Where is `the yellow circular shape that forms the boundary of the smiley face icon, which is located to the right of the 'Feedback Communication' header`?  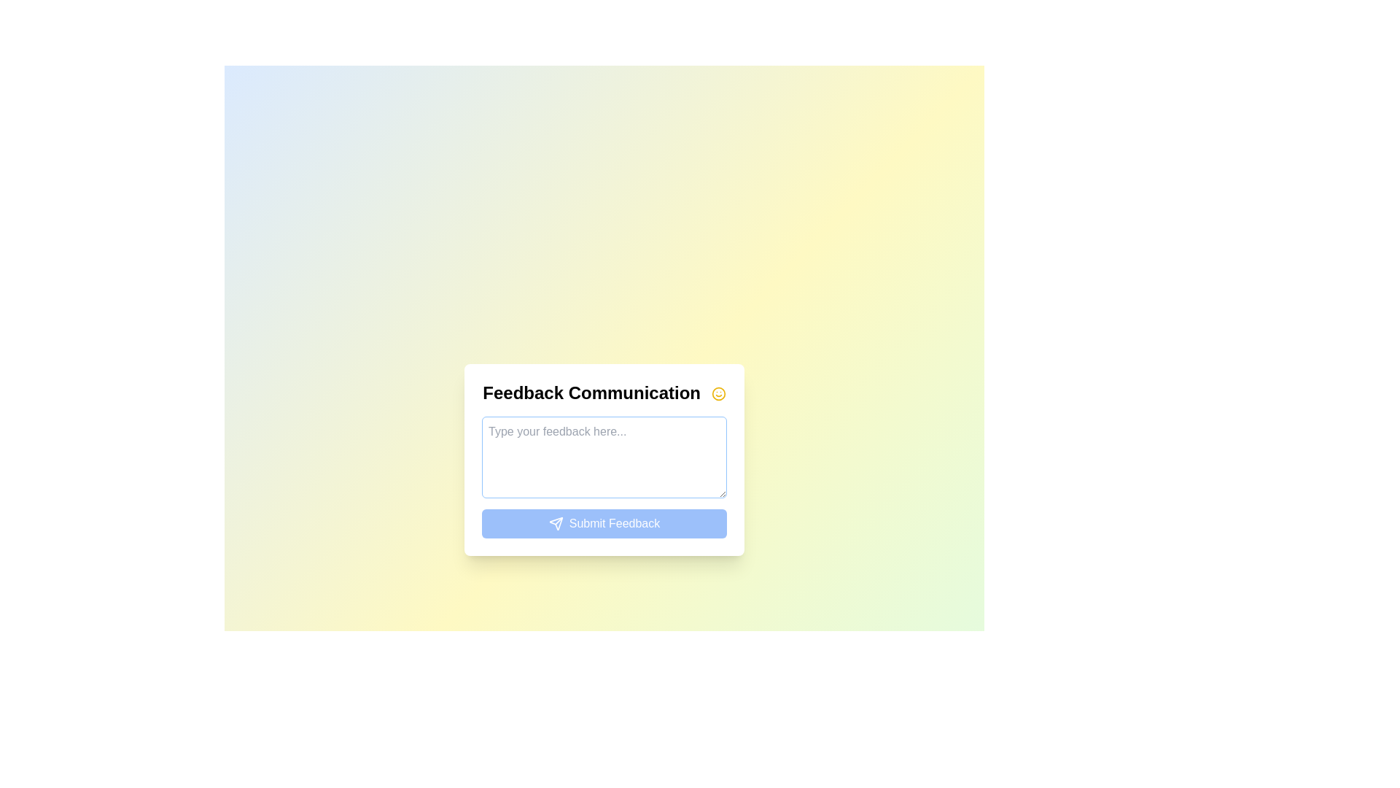
the yellow circular shape that forms the boundary of the smiley face icon, which is located to the right of the 'Feedback Communication' header is located at coordinates (718, 394).